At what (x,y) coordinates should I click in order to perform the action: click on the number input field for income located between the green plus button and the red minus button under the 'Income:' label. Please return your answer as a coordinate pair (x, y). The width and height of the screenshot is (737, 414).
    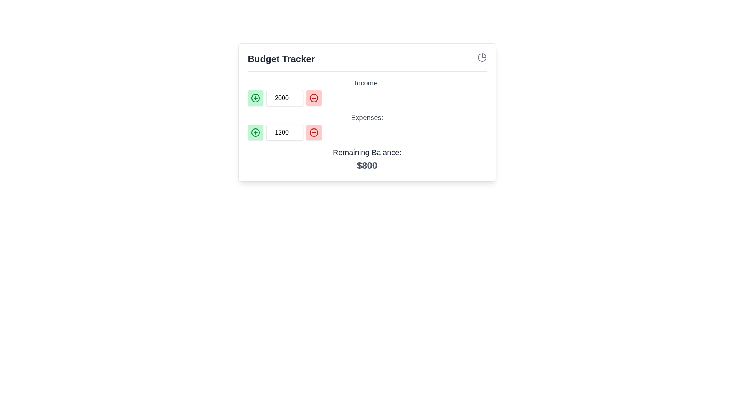
    Looking at the image, I should click on (284, 97).